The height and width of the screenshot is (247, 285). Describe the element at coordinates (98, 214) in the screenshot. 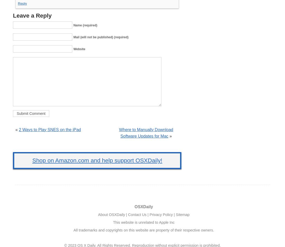

I see `'About OSXDaily'` at that location.